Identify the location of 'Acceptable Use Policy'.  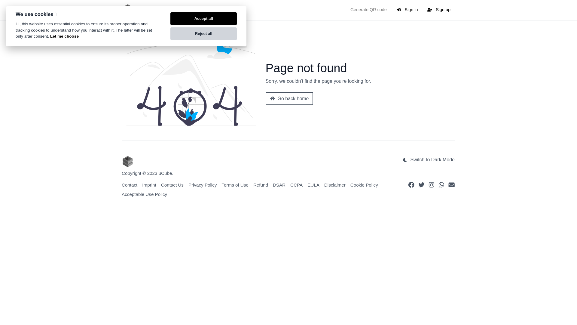
(144, 194).